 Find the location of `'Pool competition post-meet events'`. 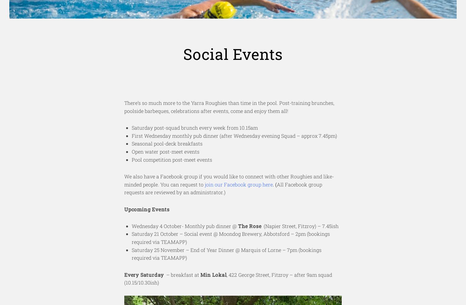

'Pool competition post-meet events' is located at coordinates (132, 159).